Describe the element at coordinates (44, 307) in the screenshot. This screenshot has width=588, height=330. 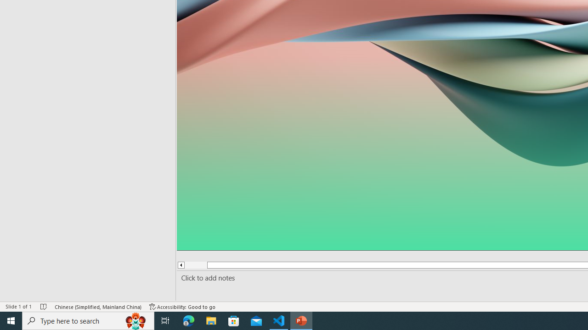
I see `'Spell Check No Errors'` at that location.